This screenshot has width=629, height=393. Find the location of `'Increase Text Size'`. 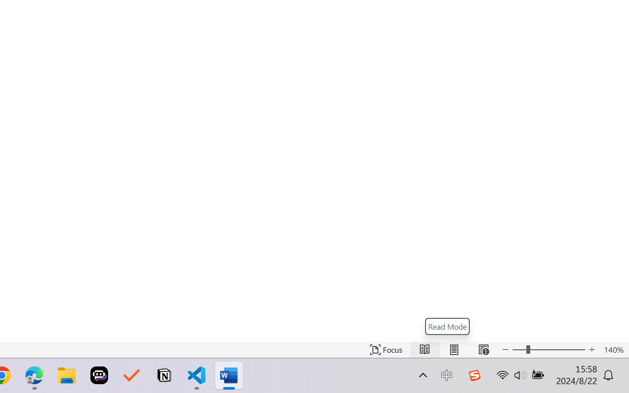

'Increase Text Size' is located at coordinates (592, 349).